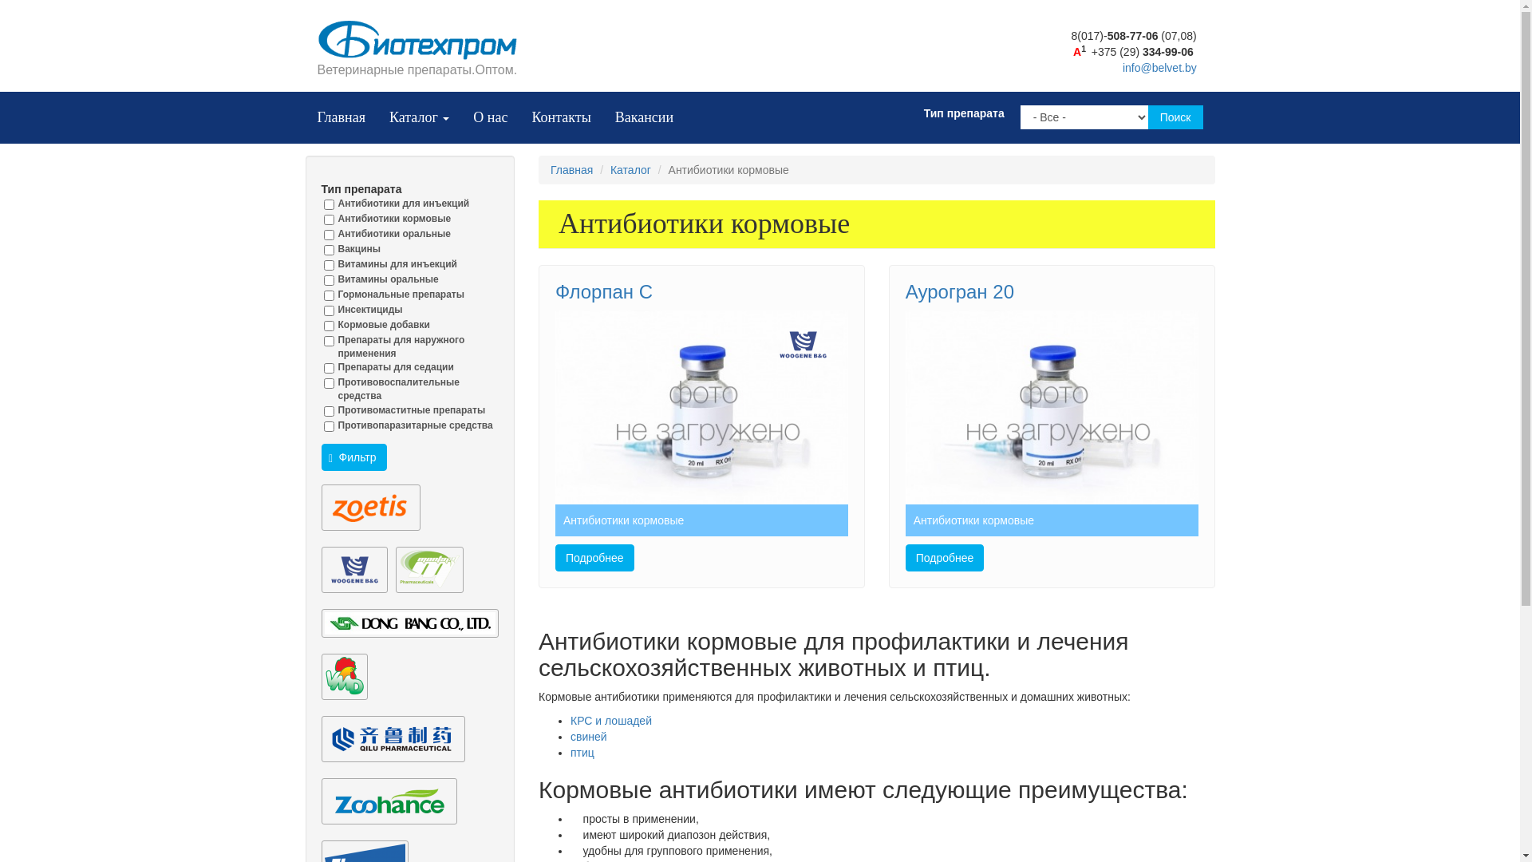 Image resolution: width=1532 pixels, height=862 pixels. Describe the element at coordinates (369, 508) in the screenshot. I see `'Zoetis'` at that location.